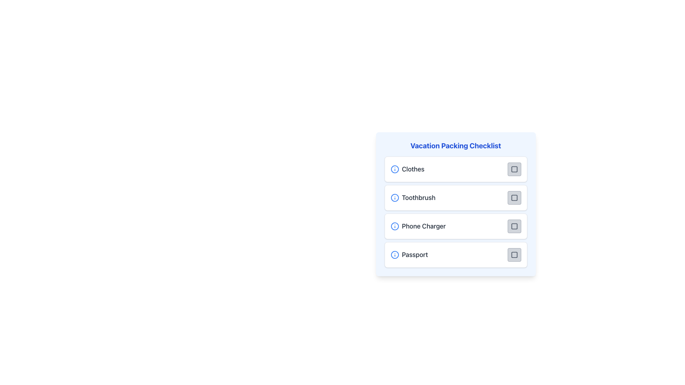  What do you see at coordinates (394, 198) in the screenshot?
I see `decorative informational icon associated with the label 'Toothbrush' in the 'Vacation Packing Checklist' to gather additional details` at bounding box center [394, 198].